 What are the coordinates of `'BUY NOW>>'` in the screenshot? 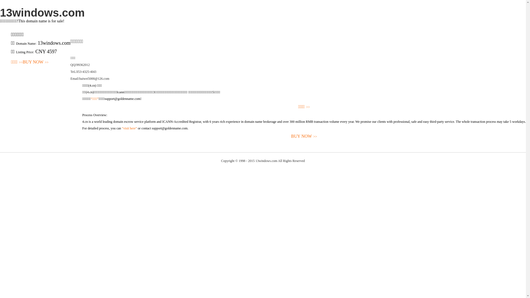 It's located at (304, 136).